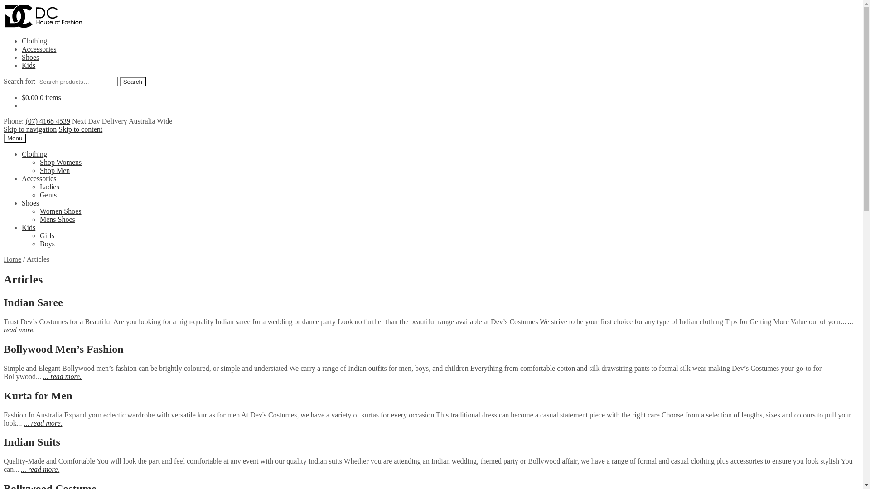 The image size is (870, 489). I want to click on 'Menu', so click(14, 138).